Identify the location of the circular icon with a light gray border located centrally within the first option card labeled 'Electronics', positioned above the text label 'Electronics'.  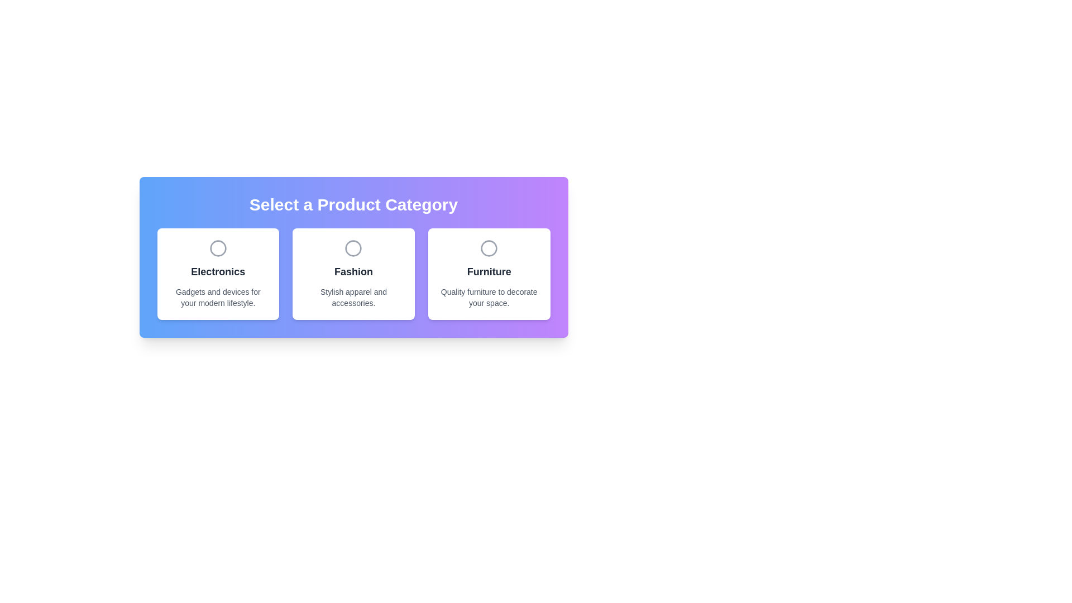
(218, 247).